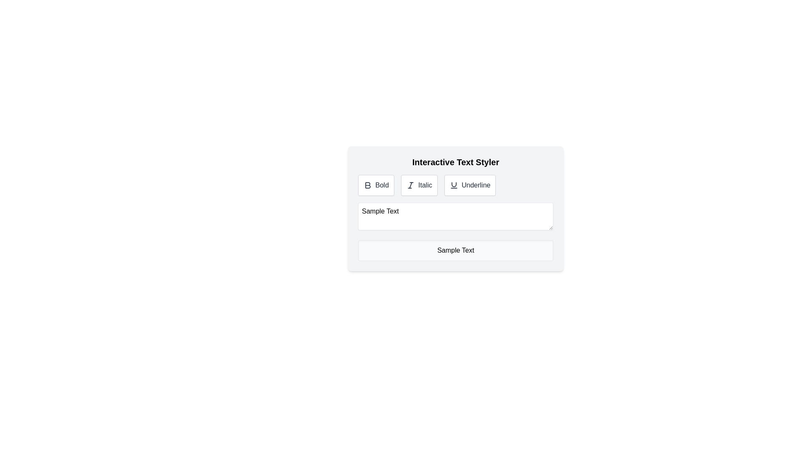 The height and width of the screenshot is (454, 808). What do you see at coordinates (470, 185) in the screenshot?
I see `the 'Underline' button to toggle the underline styling` at bounding box center [470, 185].